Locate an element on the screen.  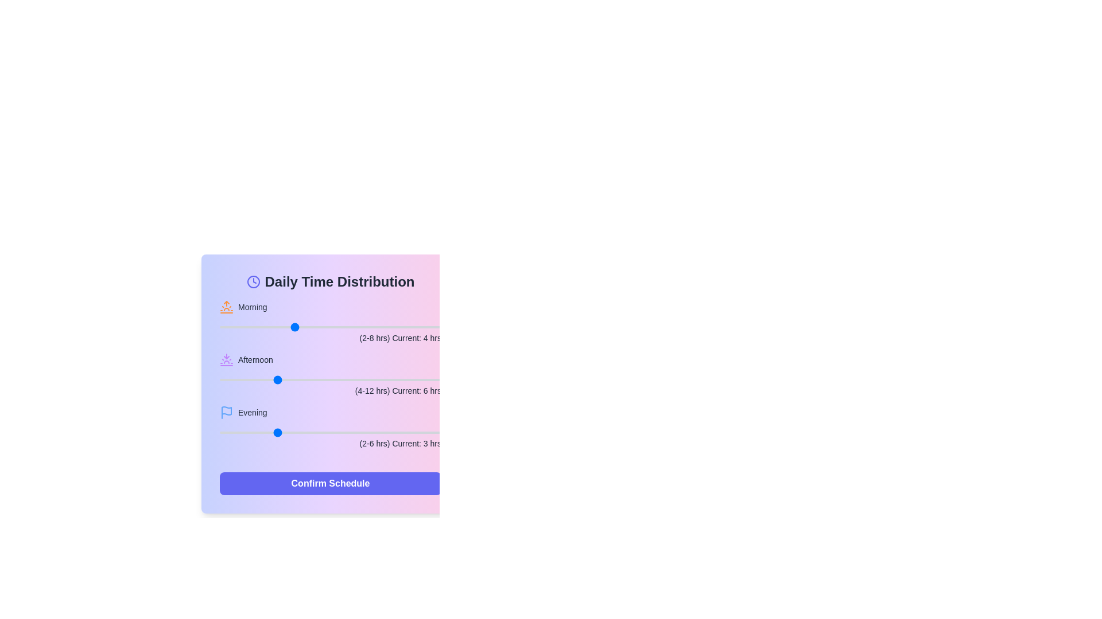
the slider is located at coordinates (330, 433).